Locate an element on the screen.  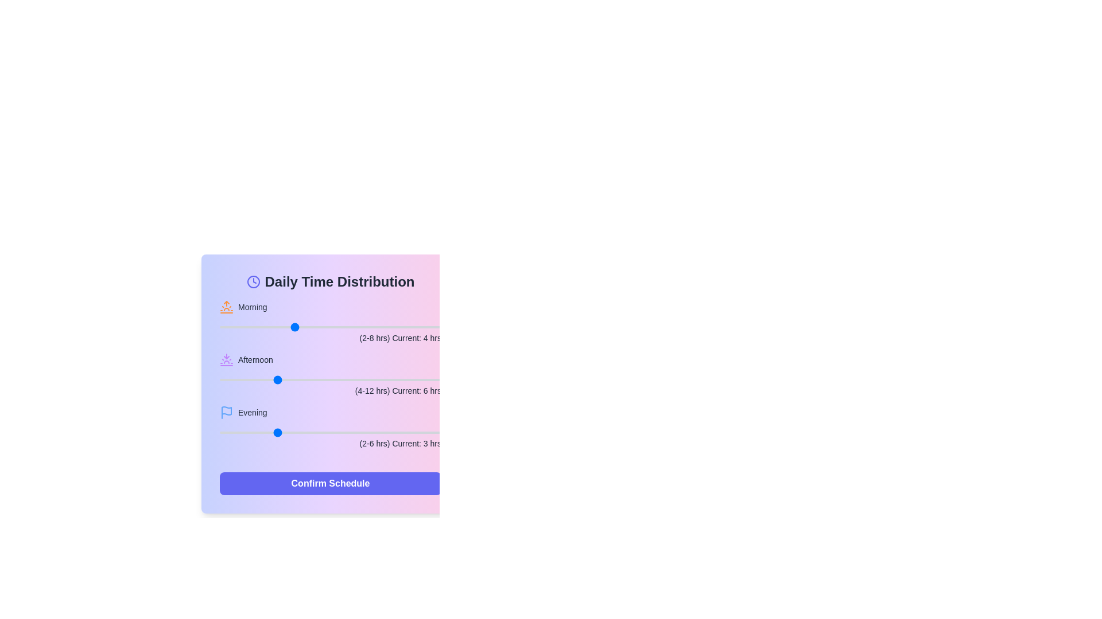
the slider is located at coordinates (330, 433).